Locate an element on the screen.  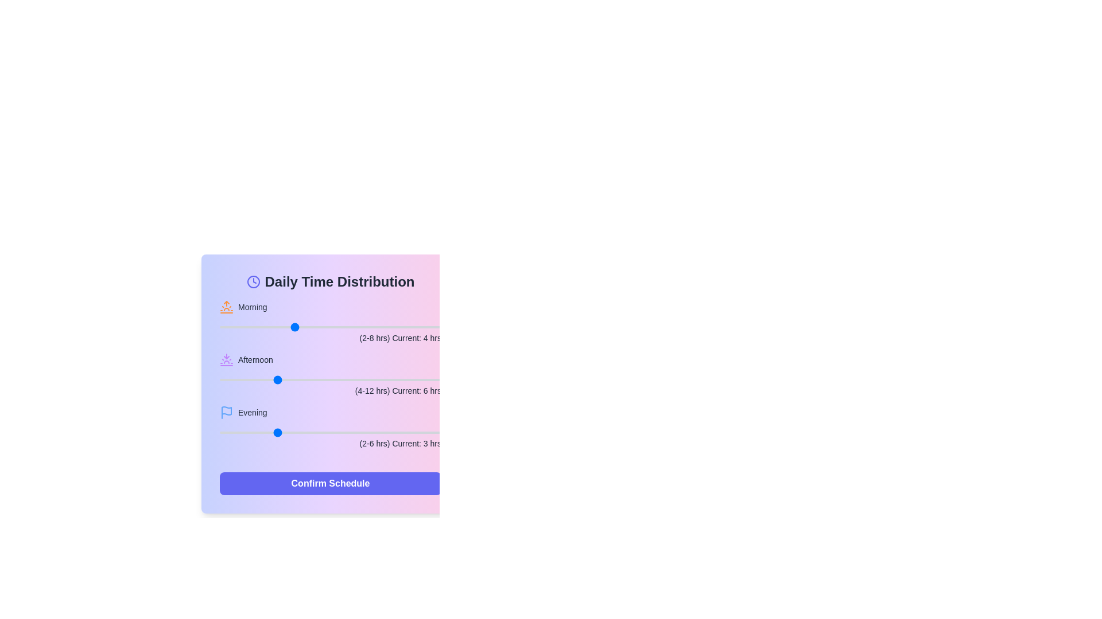
the slider is located at coordinates (330, 433).